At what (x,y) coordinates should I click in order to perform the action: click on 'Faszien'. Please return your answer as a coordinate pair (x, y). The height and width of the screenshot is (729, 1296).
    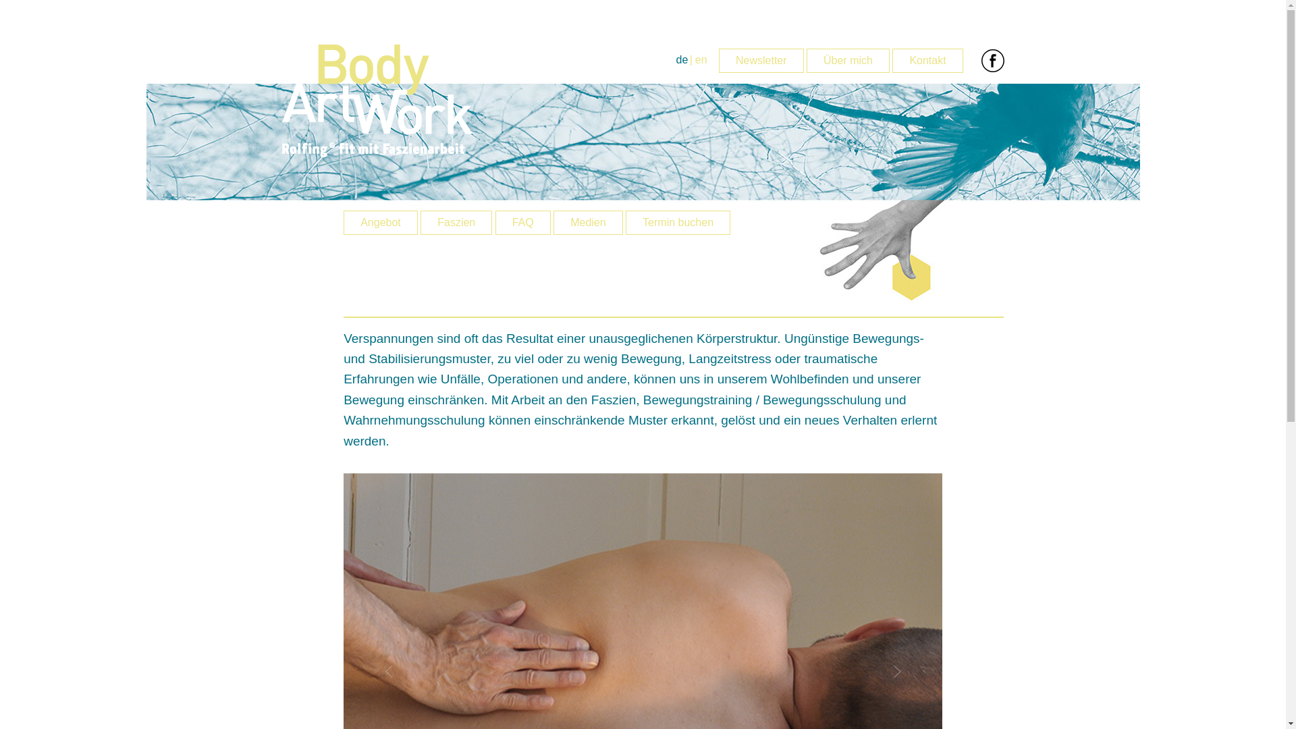
    Looking at the image, I should click on (456, 222).